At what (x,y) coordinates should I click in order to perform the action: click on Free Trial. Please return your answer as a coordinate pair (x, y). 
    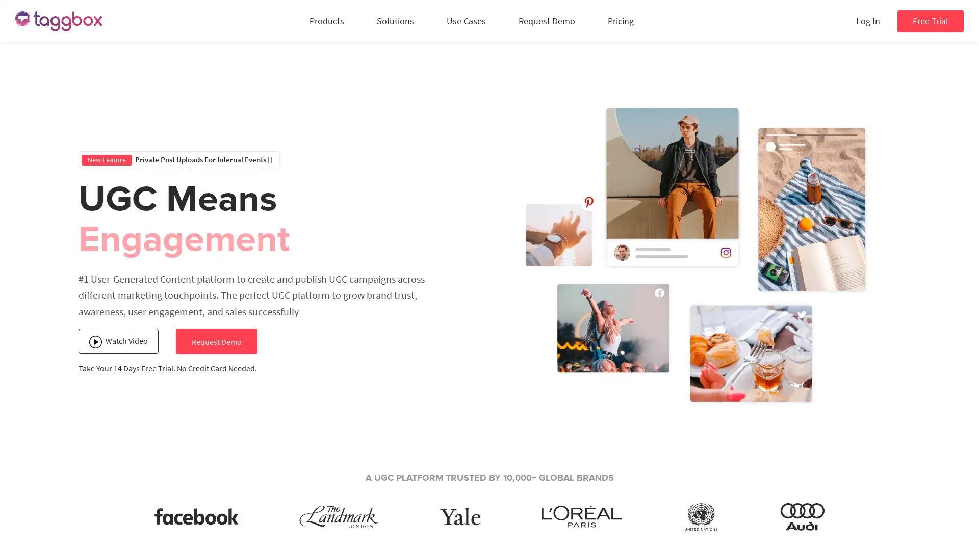
    Looking at the image, I should click on (930, 21).